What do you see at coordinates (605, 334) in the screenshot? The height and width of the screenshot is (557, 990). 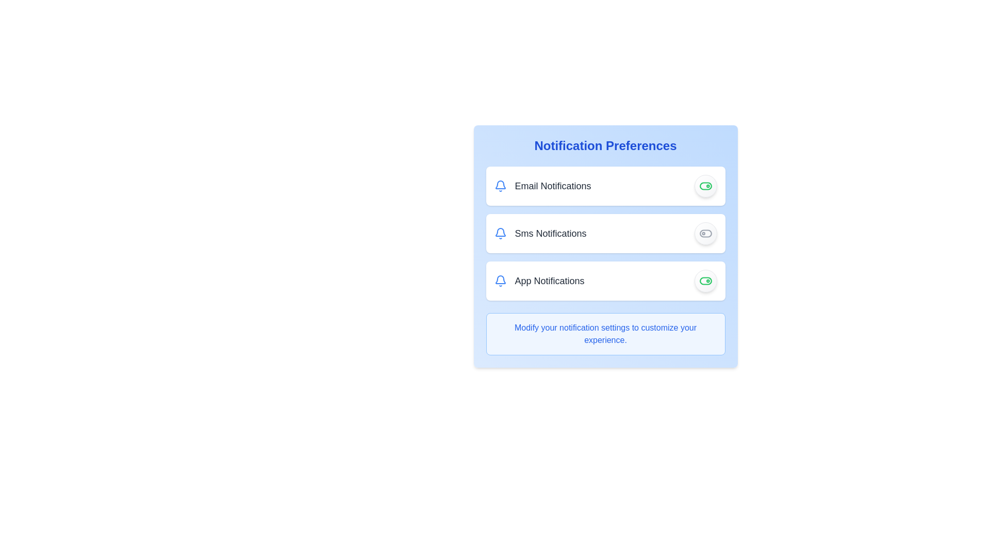 I see `informational text label about modifying notification settings located in the light blue box at the bottom of the 'Notification Preferences' panel` at bounding box center [605, 334].